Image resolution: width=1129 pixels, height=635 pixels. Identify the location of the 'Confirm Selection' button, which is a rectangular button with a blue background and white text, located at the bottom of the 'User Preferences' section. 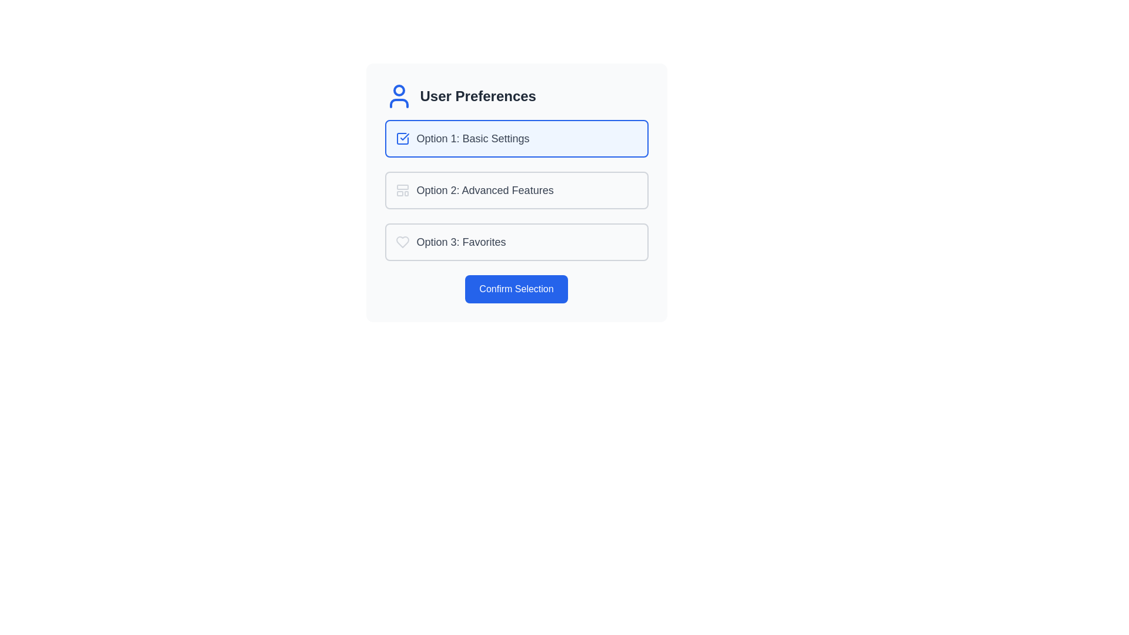
(516, 289).